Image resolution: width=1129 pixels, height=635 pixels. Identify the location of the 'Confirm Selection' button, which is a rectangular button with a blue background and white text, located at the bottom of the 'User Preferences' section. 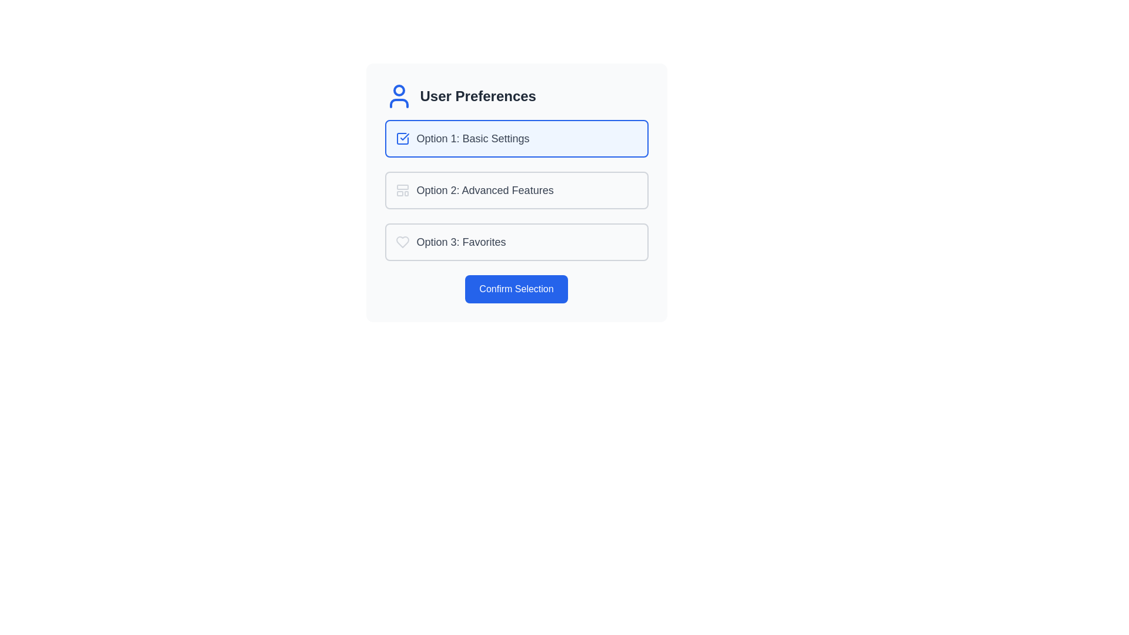
(516, 289).